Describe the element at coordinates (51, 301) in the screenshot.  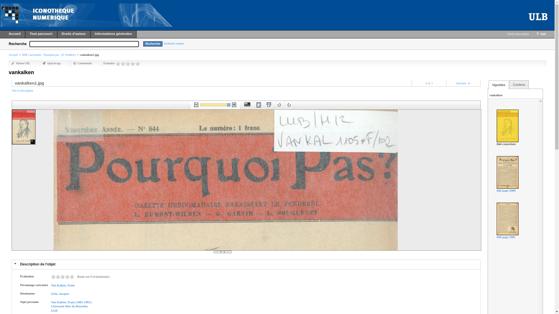
I see `'Van Kalken, Frans (1881-1961)'` at that location.